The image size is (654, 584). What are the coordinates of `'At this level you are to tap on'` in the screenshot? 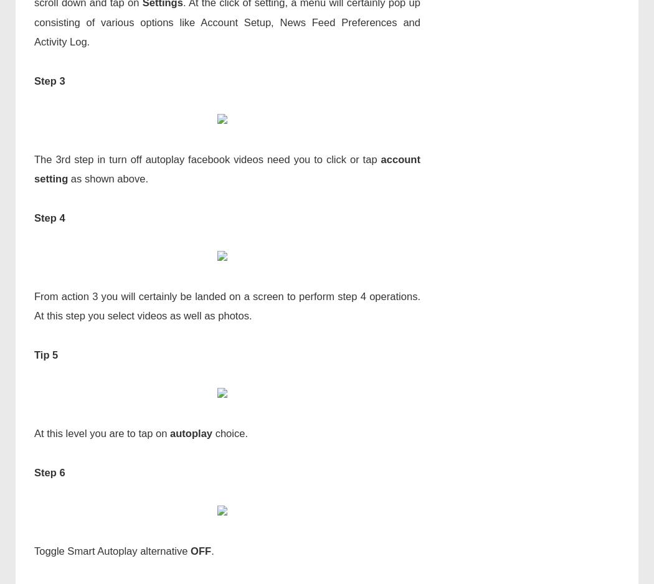 It's located at (102, 433).